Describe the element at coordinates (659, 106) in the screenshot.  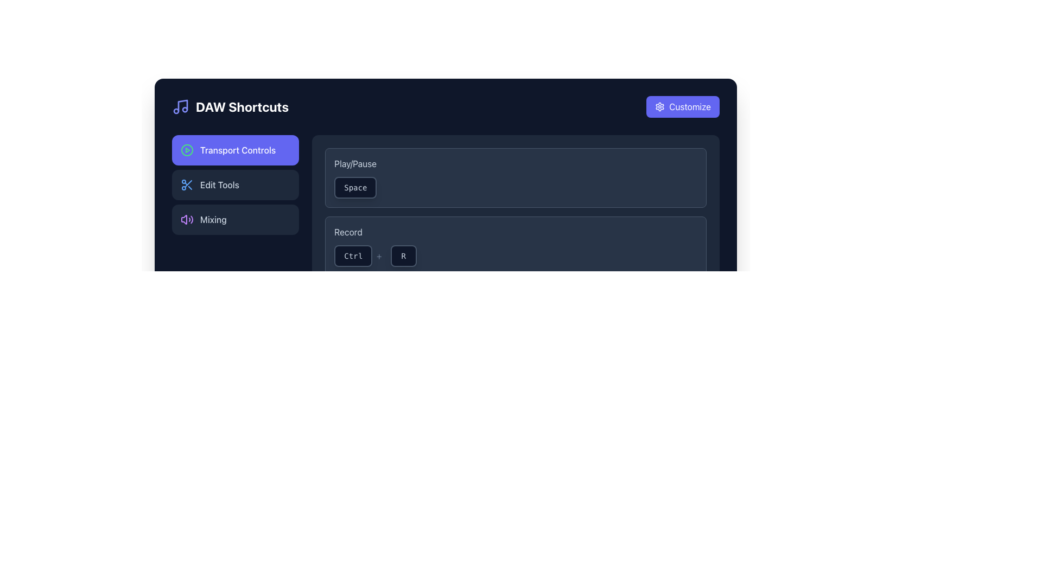
I see `the cogwheel icon within the 'Customize' button at the top-right corner of the interface` at that location.